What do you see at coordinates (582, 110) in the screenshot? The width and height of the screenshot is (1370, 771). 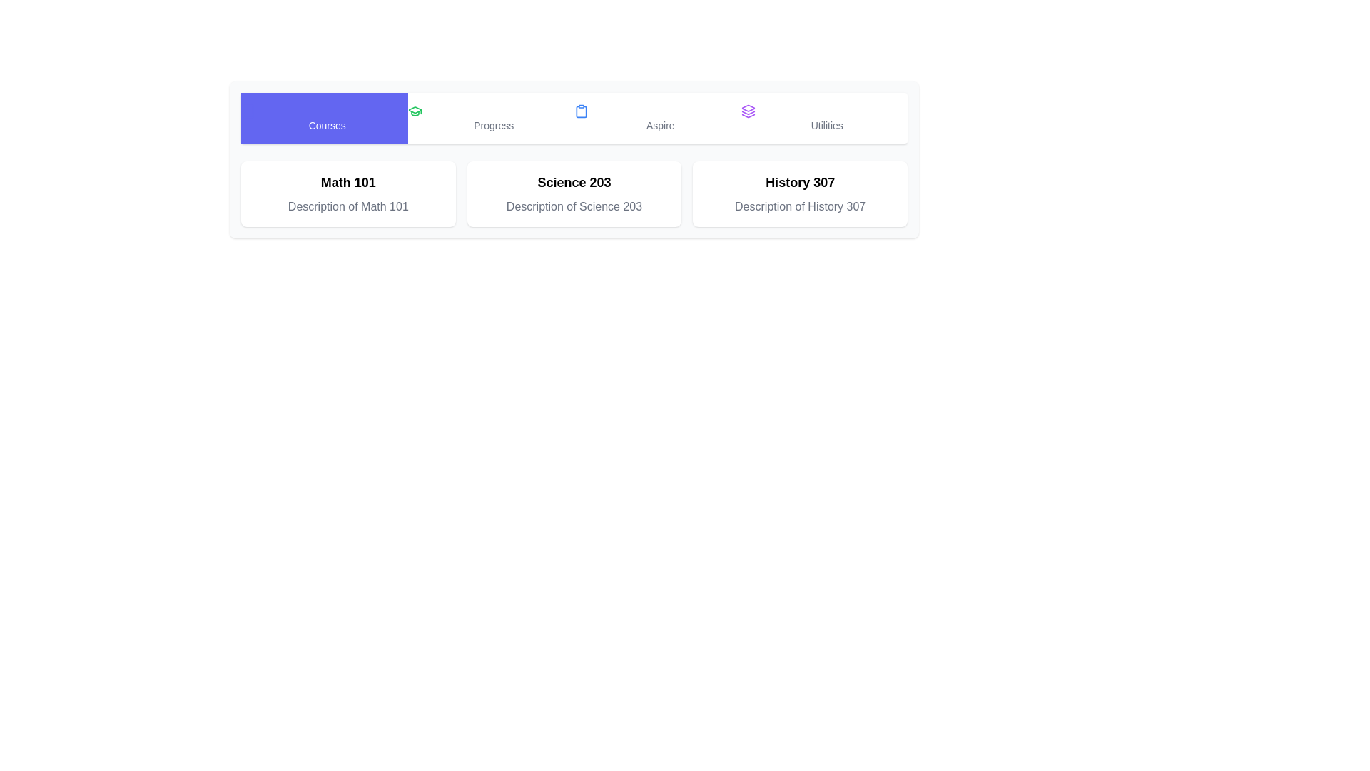 I see `the clipboard or note-taking icon located at the top center of the 'Aspire' navigation options, positioned to the left of the text 'Aspire'` at bounding box center [582, 110].